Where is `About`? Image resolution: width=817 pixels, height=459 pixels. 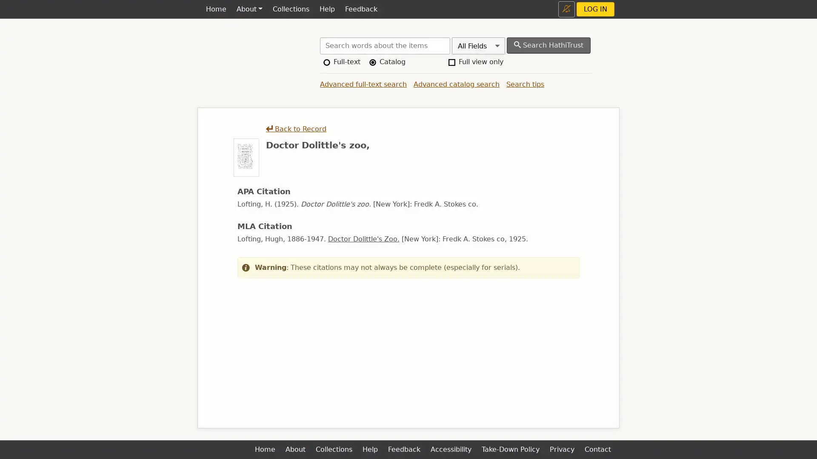
About is located at coordinates (249, 9).